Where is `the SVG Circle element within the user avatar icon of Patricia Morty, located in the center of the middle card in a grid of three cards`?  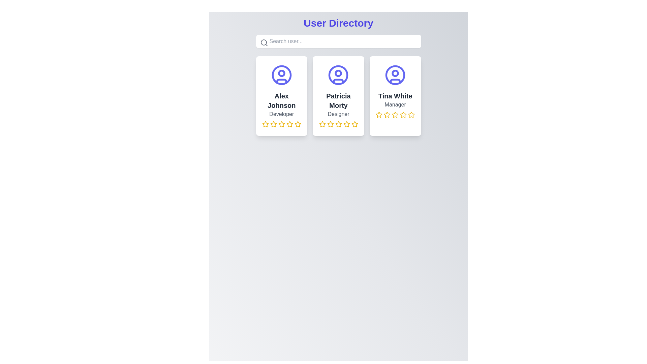
the SVG Circle element within the user avatar icon of Patricia Morty, located in the center of the middle card in a grid of three cards is located at coordinates (338, 75).